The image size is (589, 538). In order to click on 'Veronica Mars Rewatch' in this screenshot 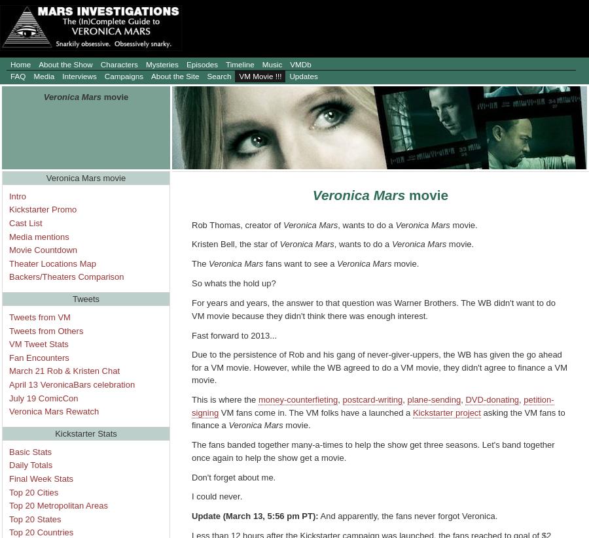, I will do `click(9, 411)`.